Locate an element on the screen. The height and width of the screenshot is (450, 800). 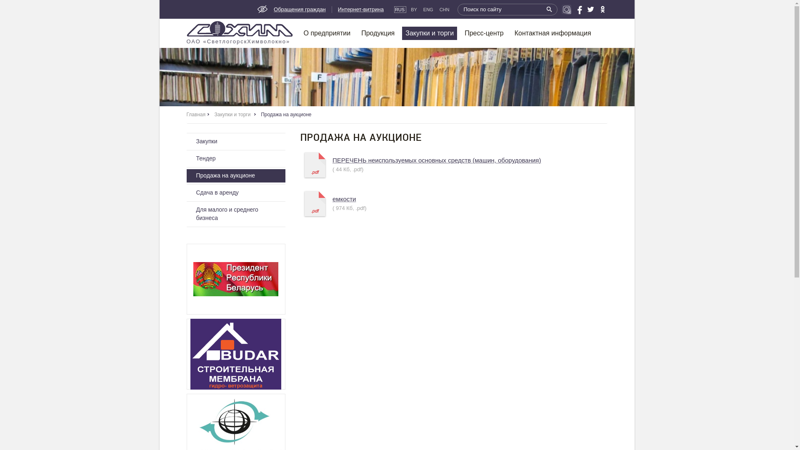
'ENG' is located at coordinates (428, 9).